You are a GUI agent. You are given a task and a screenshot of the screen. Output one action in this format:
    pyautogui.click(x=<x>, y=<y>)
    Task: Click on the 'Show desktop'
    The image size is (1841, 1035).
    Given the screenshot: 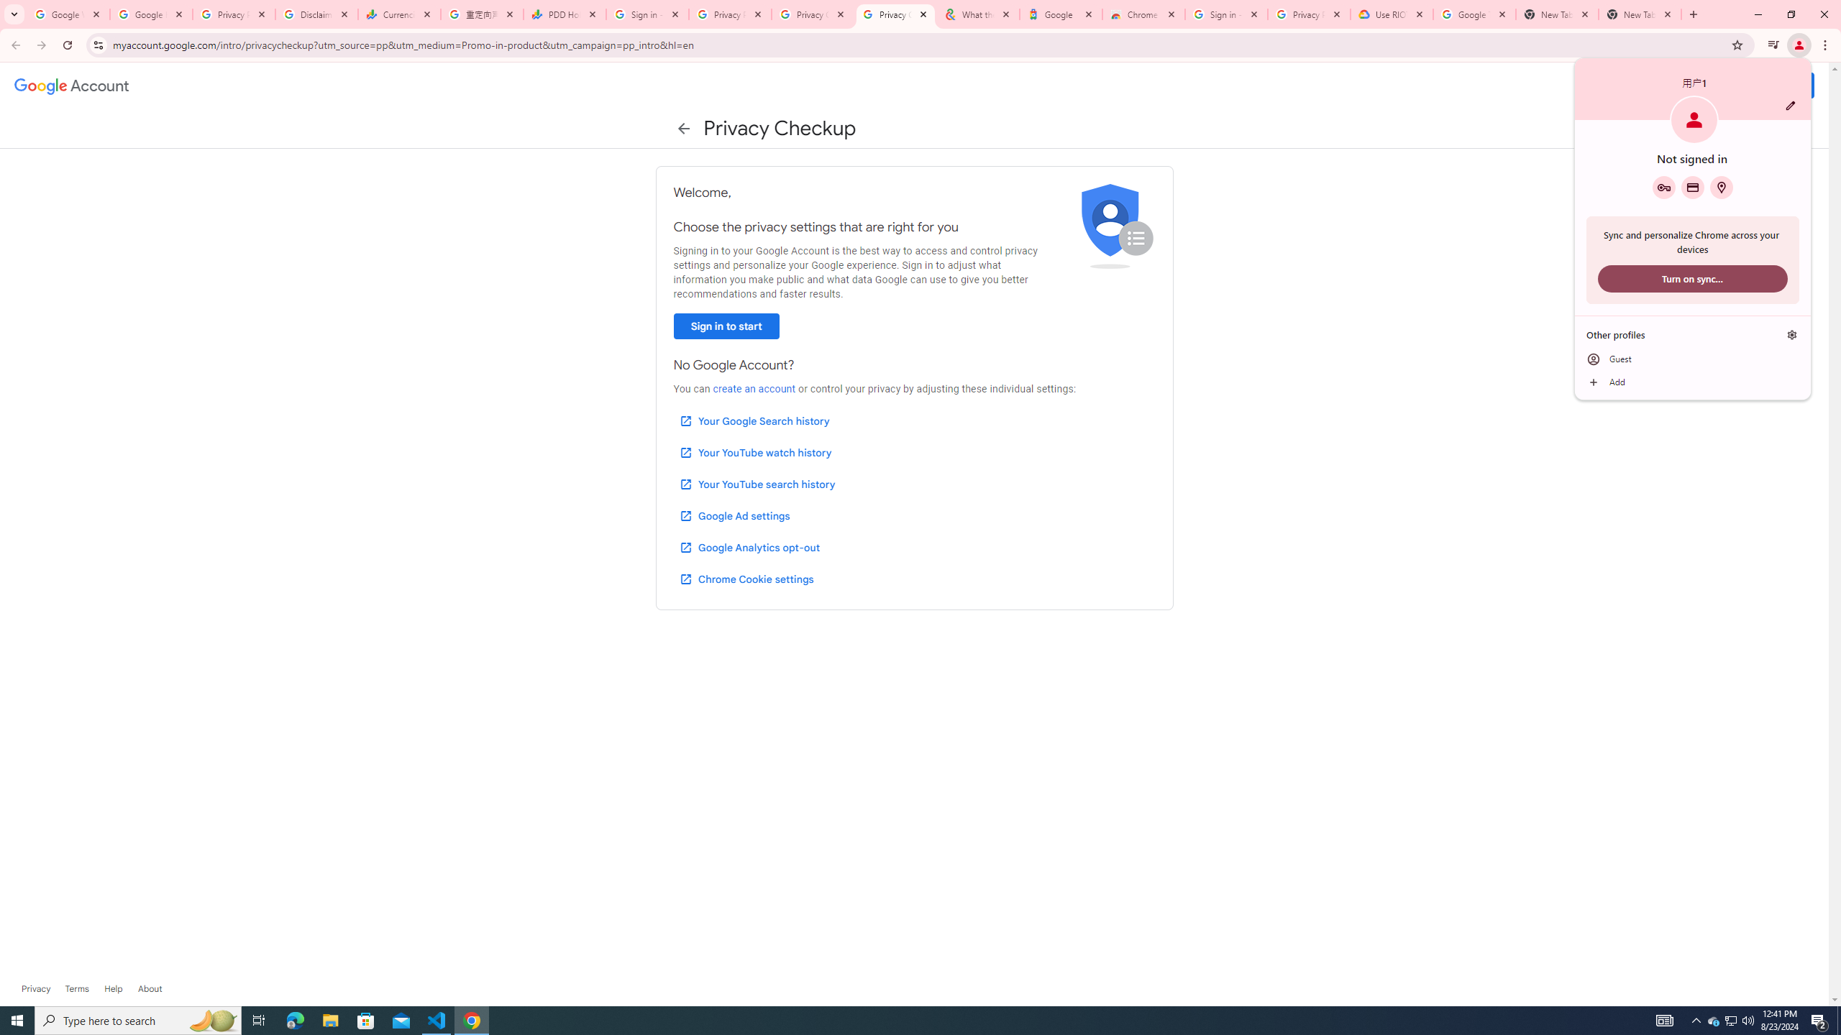 What is the action you would take?
    pyautogui.click(x=1838, y=1019)
    